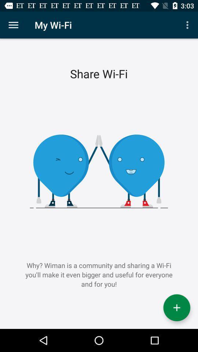 Image resolution: width=198 pixels, height=352 pixels. What do you see at coordinates (176, 308) in the screenshot?
I see `the icon at the bottom right corner` at bounding box center [176, 308].